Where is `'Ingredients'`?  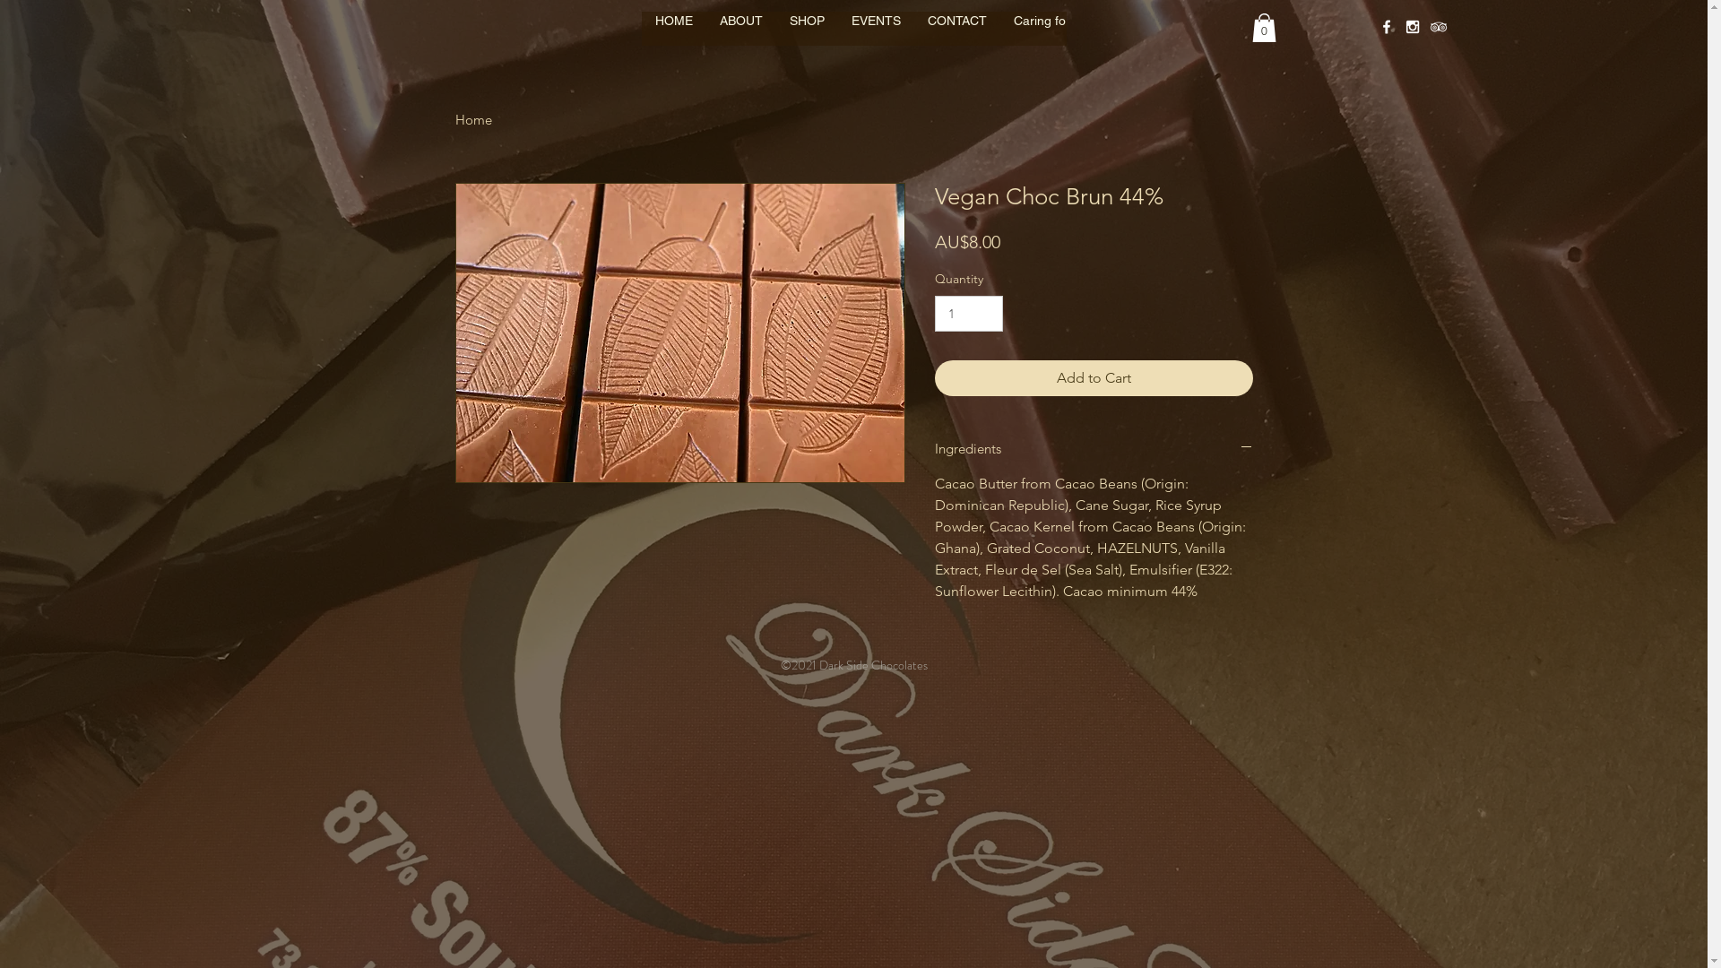
'Ingredients' is located at coordinates (932, 447).